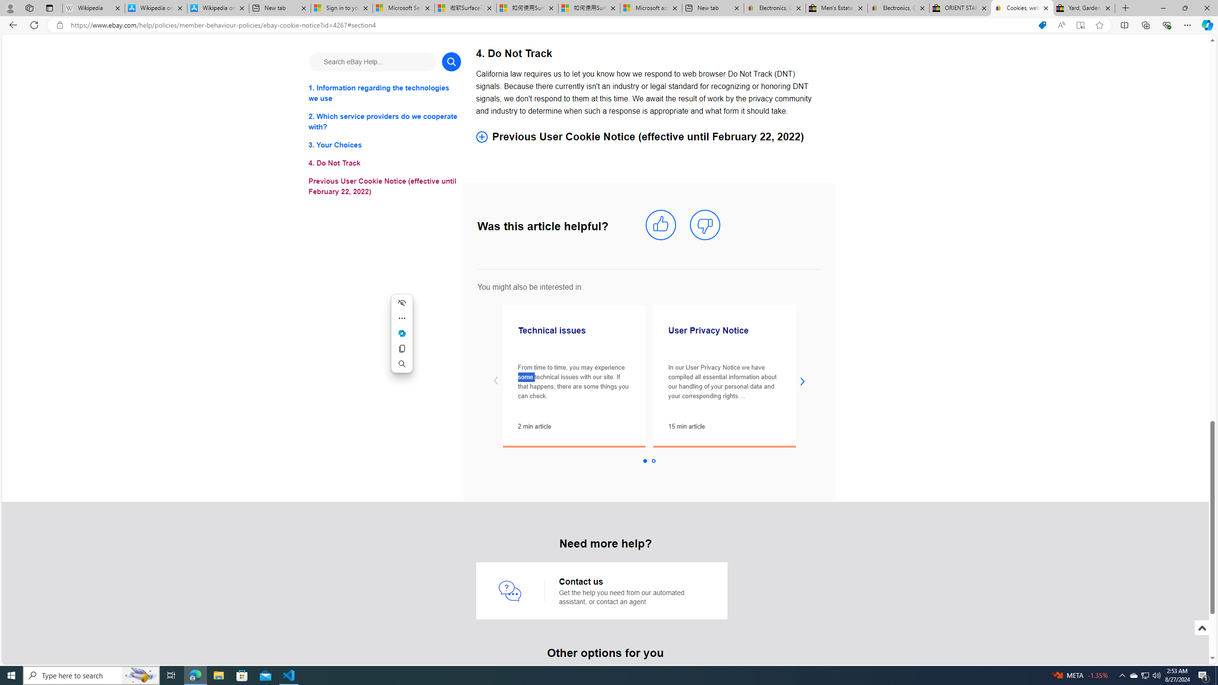  I want to click on 'Slide 2 ', so click(653, 460).